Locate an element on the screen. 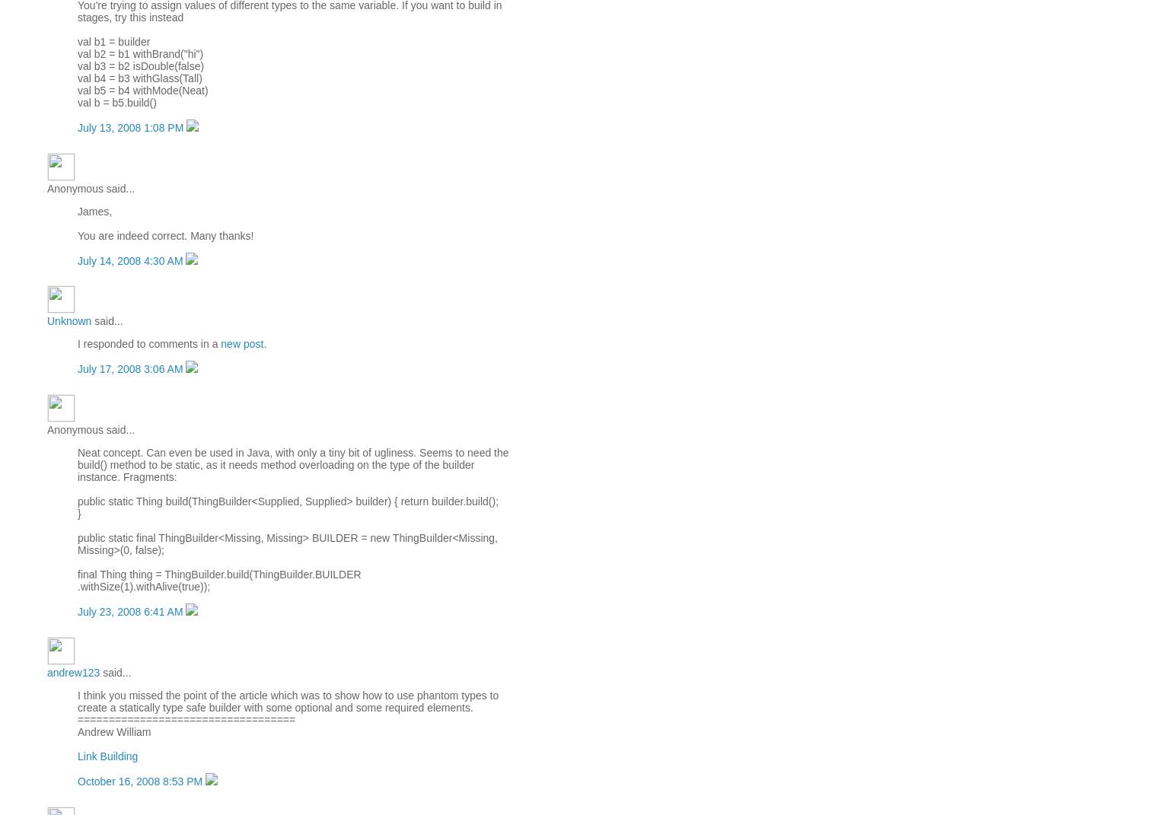  'James,' is located at coordinates (94, 210).